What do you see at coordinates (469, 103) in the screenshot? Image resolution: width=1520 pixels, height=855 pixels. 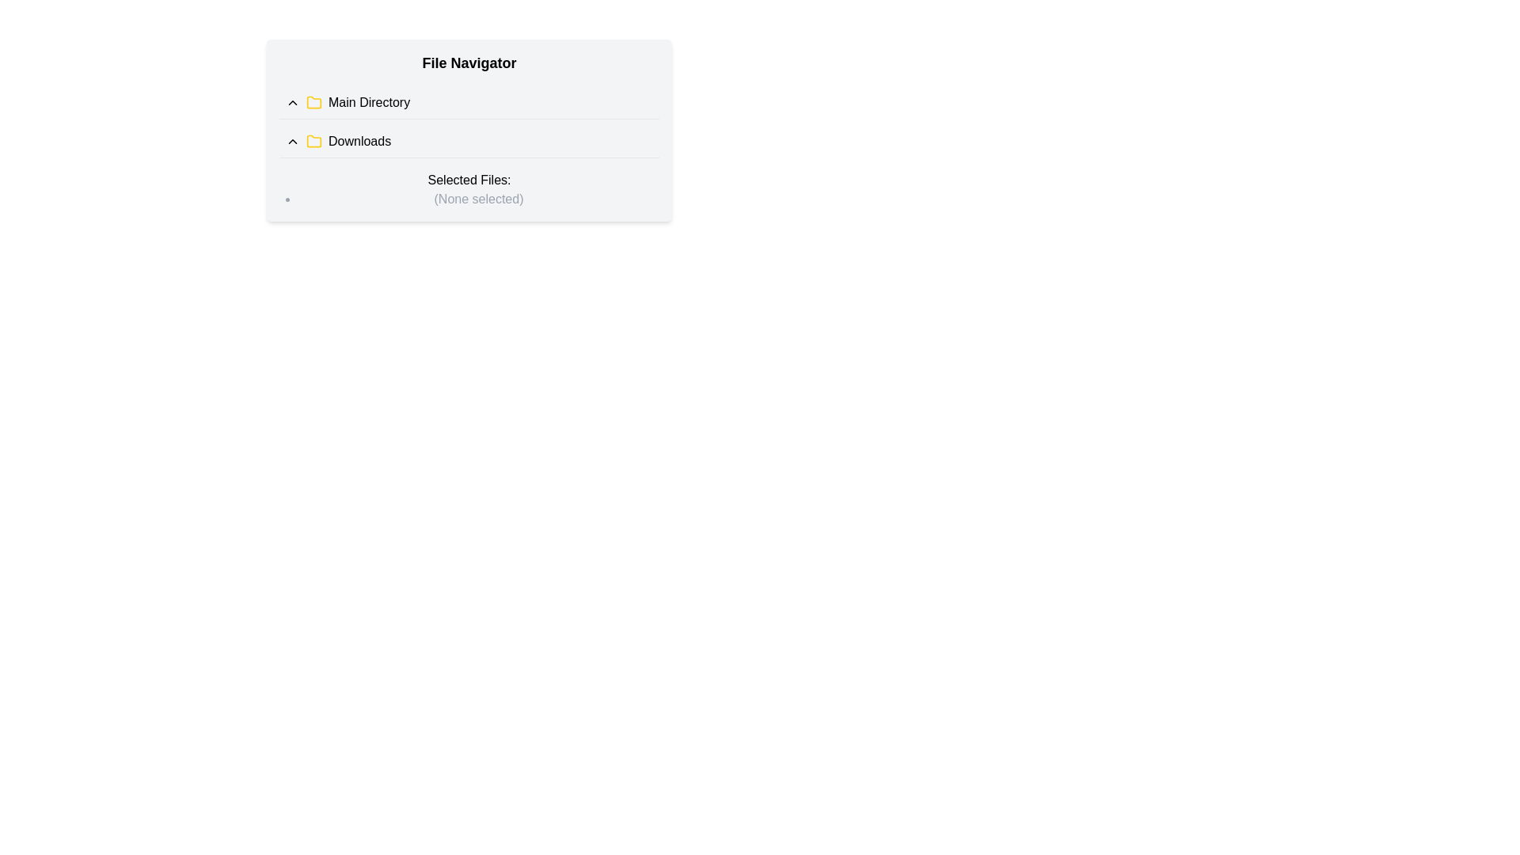 I see `the first selectable directory item` at bounding box center [469, 103].